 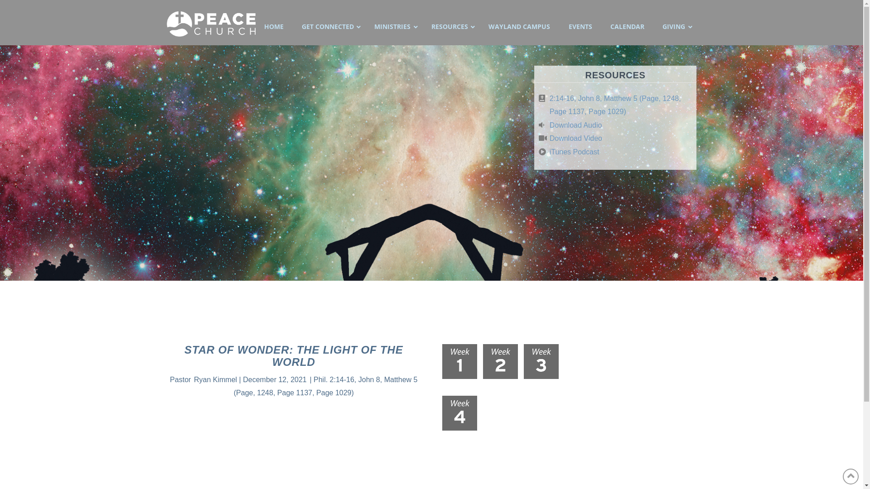 What do you see at coordinates (339, 162) in the screenshot?
I see `'Star of Wonder: The Light of the World'` at bounding box center [339, 162].